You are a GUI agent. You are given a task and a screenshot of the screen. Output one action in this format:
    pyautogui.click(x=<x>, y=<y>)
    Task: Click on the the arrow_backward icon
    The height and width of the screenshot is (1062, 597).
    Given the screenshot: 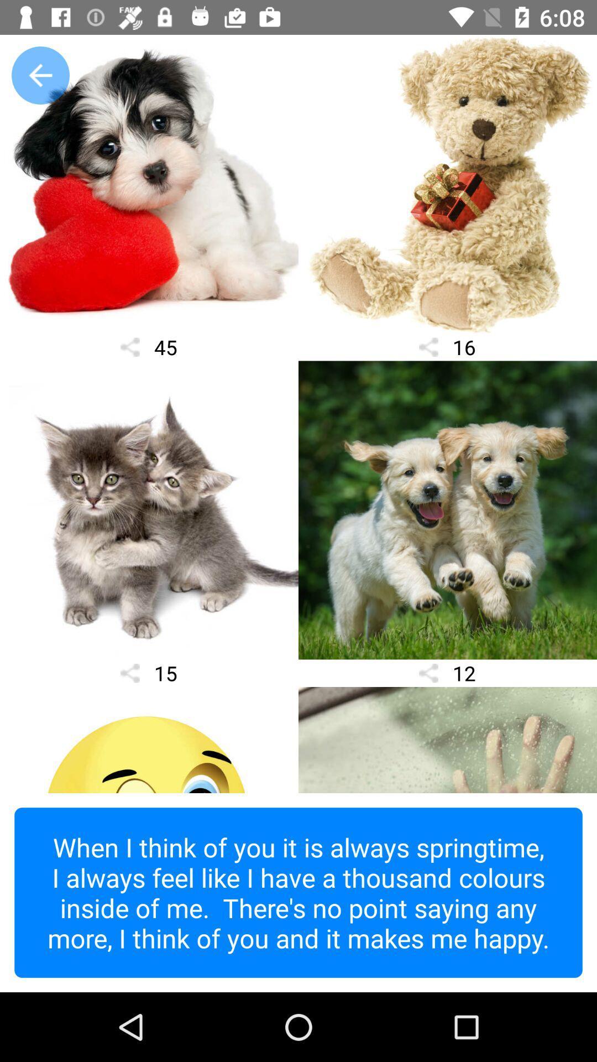 What is the action you would take?
    pyautogui.click(x=40, y=75)
    